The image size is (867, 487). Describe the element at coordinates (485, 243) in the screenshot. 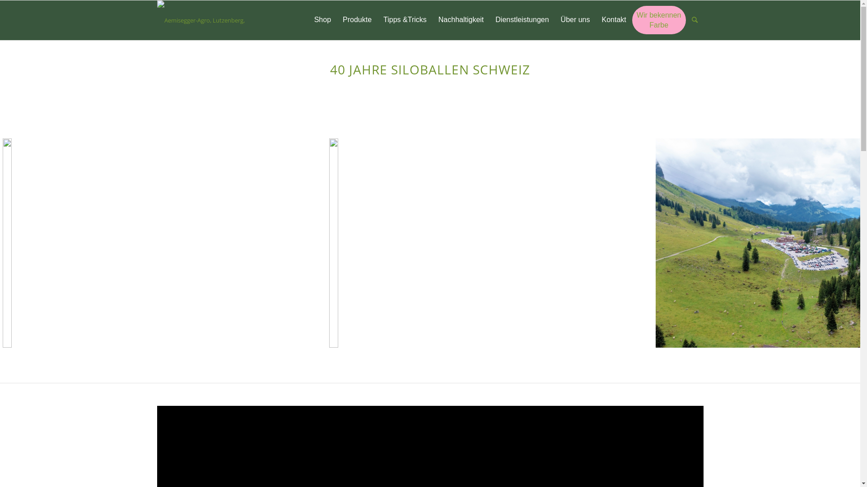

I see `'A1_07745gehrig'` at that location.